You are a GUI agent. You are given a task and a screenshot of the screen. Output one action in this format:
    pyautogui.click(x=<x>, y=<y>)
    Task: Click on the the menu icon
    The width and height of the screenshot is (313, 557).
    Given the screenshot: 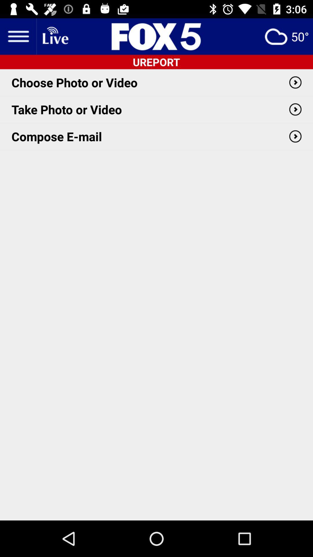 What is the action you would take?
    pyautogui.click(x=18, y=36)
    